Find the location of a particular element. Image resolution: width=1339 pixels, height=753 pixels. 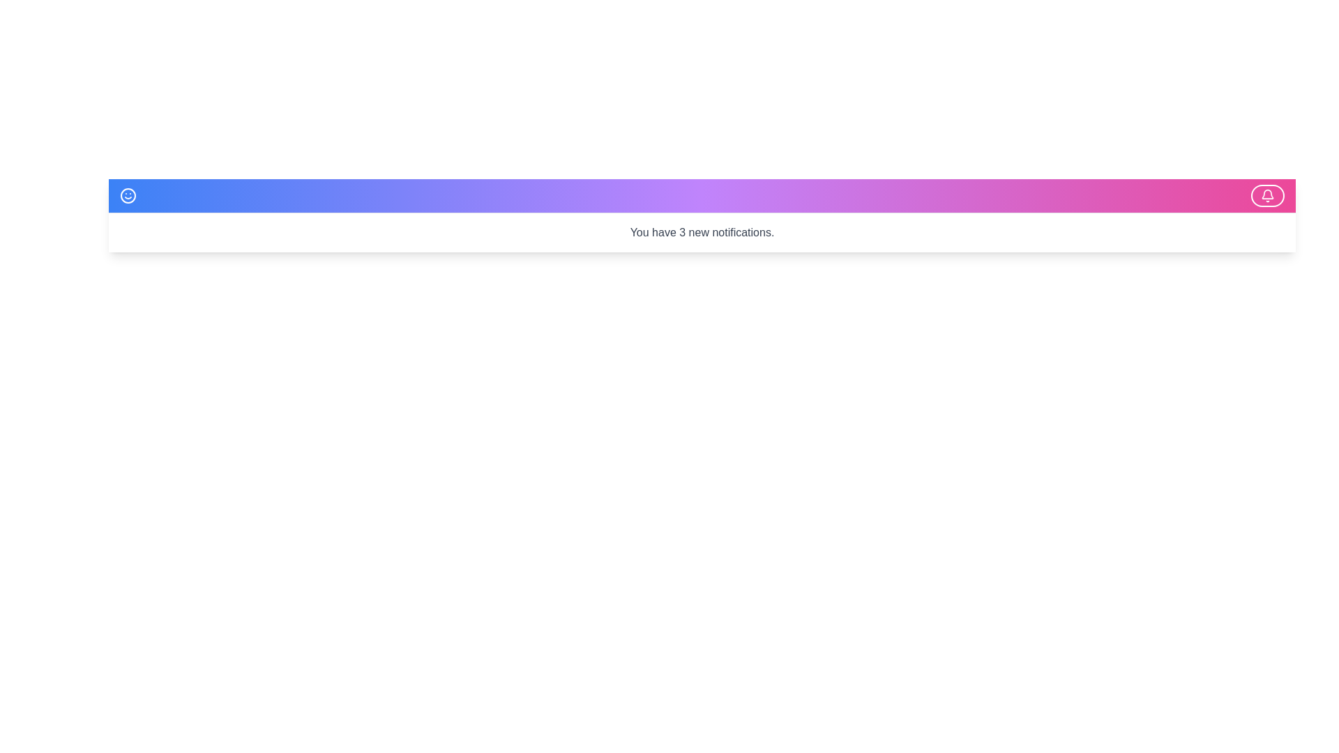

the bell icon within the button located at the top-right corner of the interface is located at coordinates (1268, 196).